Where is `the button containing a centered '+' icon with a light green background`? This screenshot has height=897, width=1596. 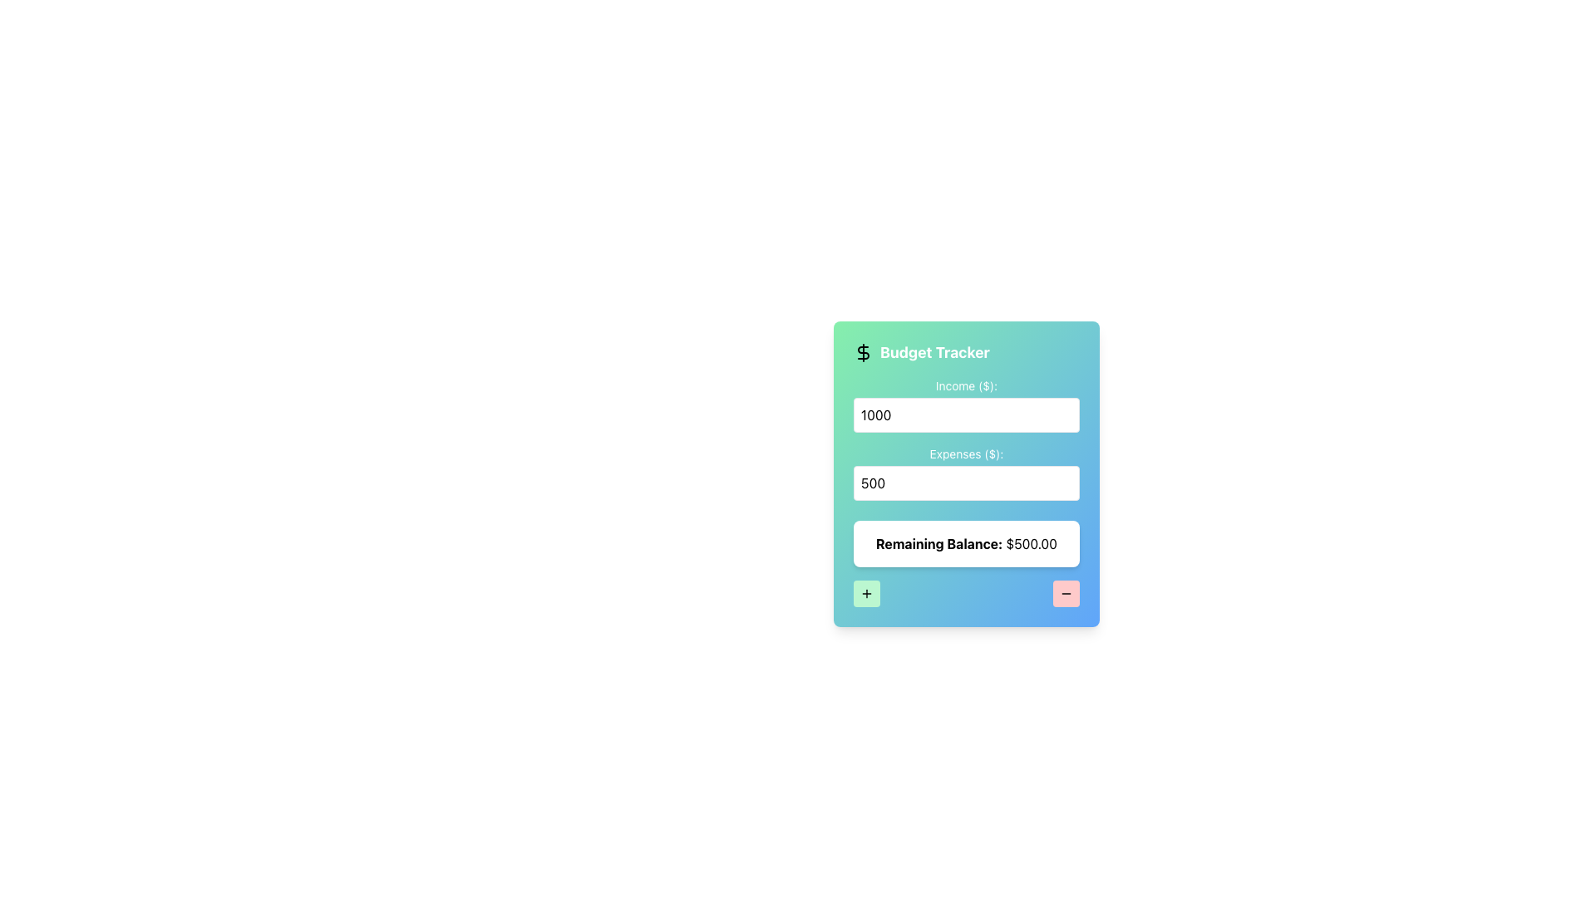
the button containing a centered '+' icon with a light green background is located at coordinates (865, 592).